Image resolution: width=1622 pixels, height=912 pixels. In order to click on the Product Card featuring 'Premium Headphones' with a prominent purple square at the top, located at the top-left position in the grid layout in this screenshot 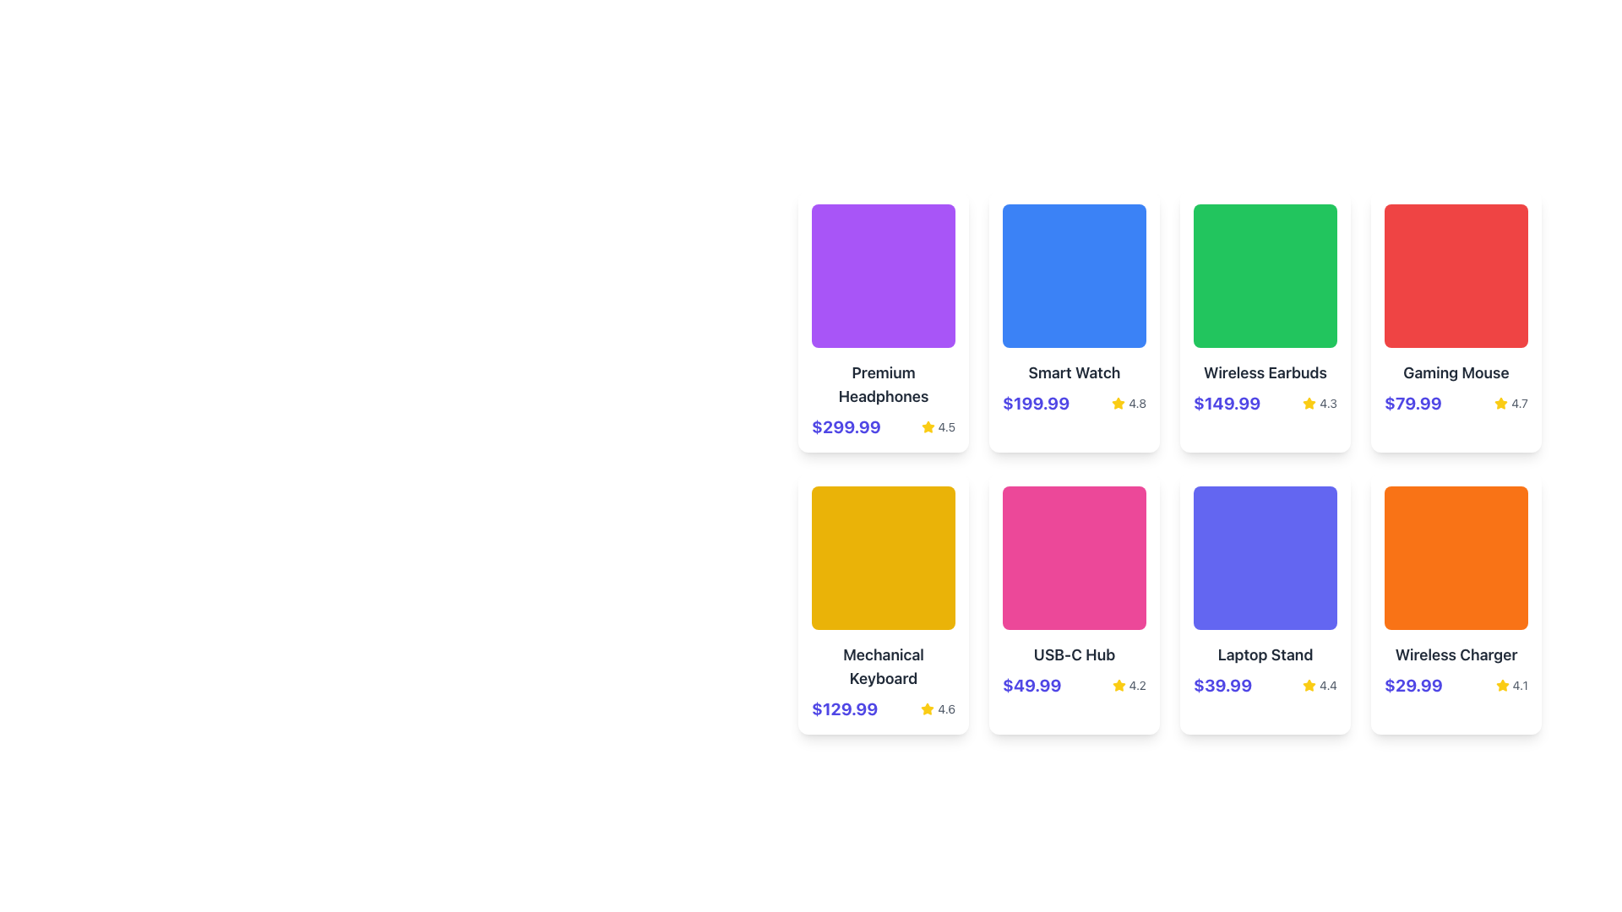, I will do `click(883, 322)`.